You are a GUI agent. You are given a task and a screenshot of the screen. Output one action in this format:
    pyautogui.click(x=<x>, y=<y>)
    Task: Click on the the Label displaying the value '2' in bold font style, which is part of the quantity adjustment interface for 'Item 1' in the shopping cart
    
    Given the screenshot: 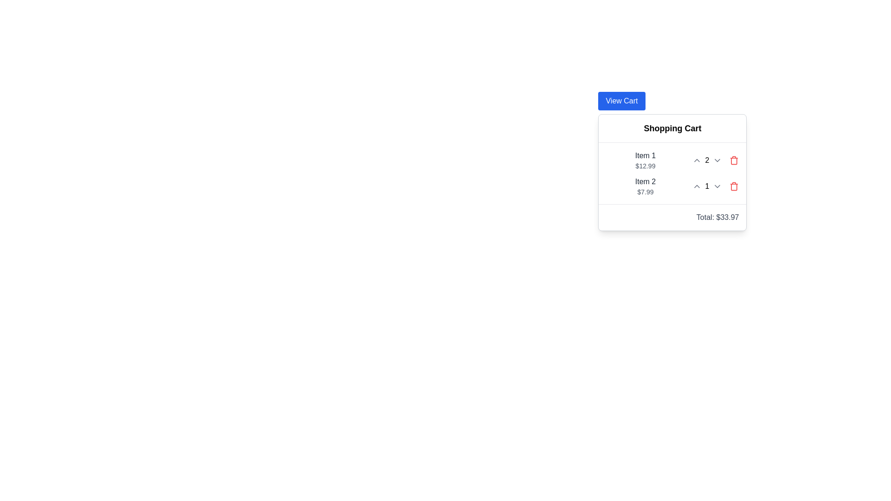 What is the action you would take?
    pyautogui.click(x=707, y=160)
    